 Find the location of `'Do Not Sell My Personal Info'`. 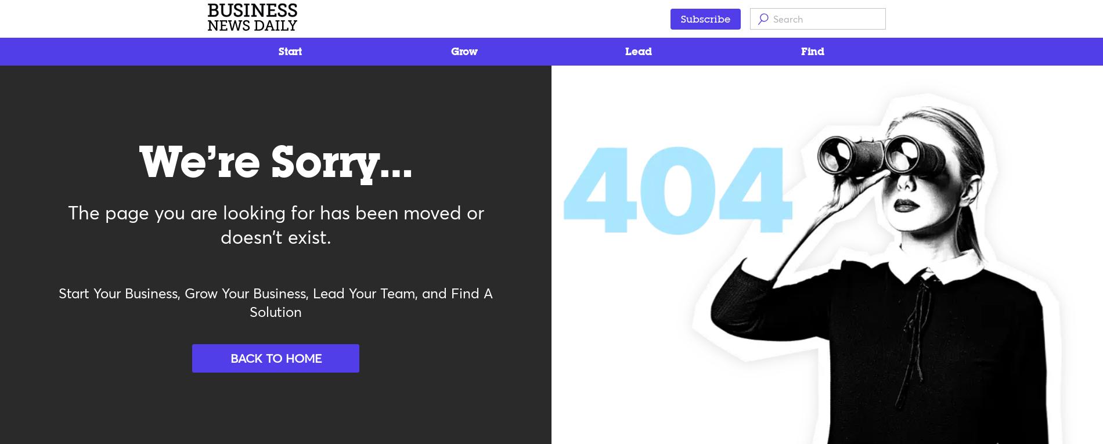

'Do Not Sell My Personal Info' is located at coordinates (603, 379).